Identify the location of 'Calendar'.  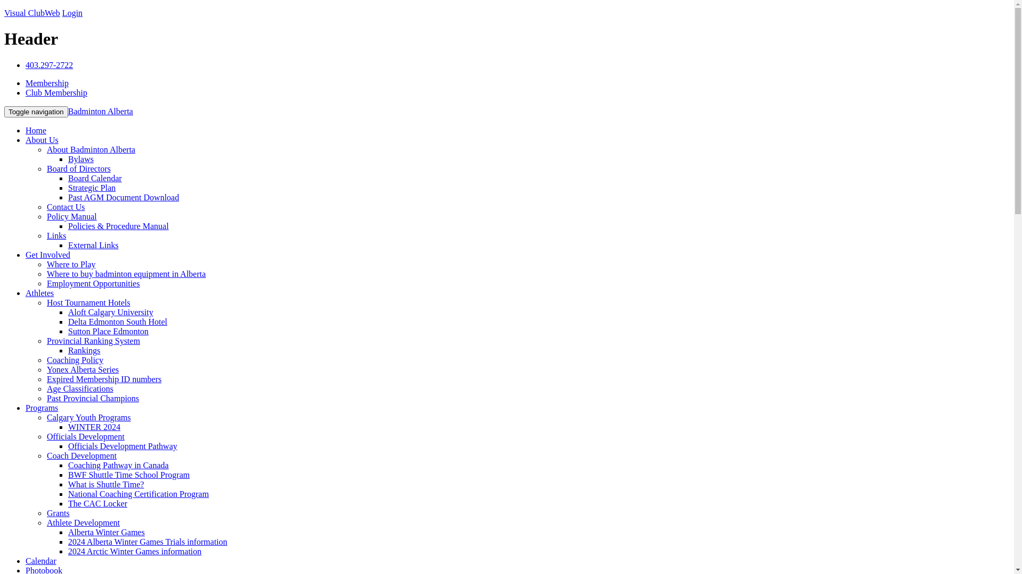
(40, 560).